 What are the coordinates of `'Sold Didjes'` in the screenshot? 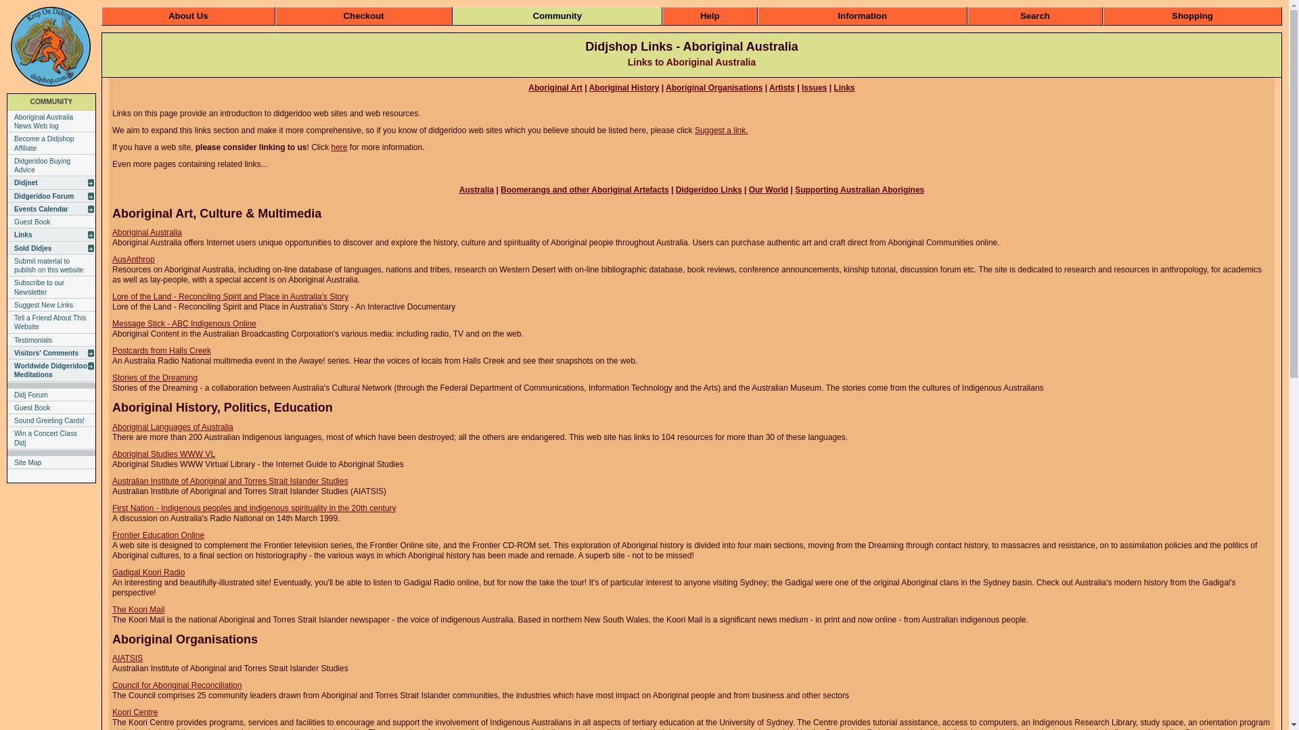 It's located at (51, 248).